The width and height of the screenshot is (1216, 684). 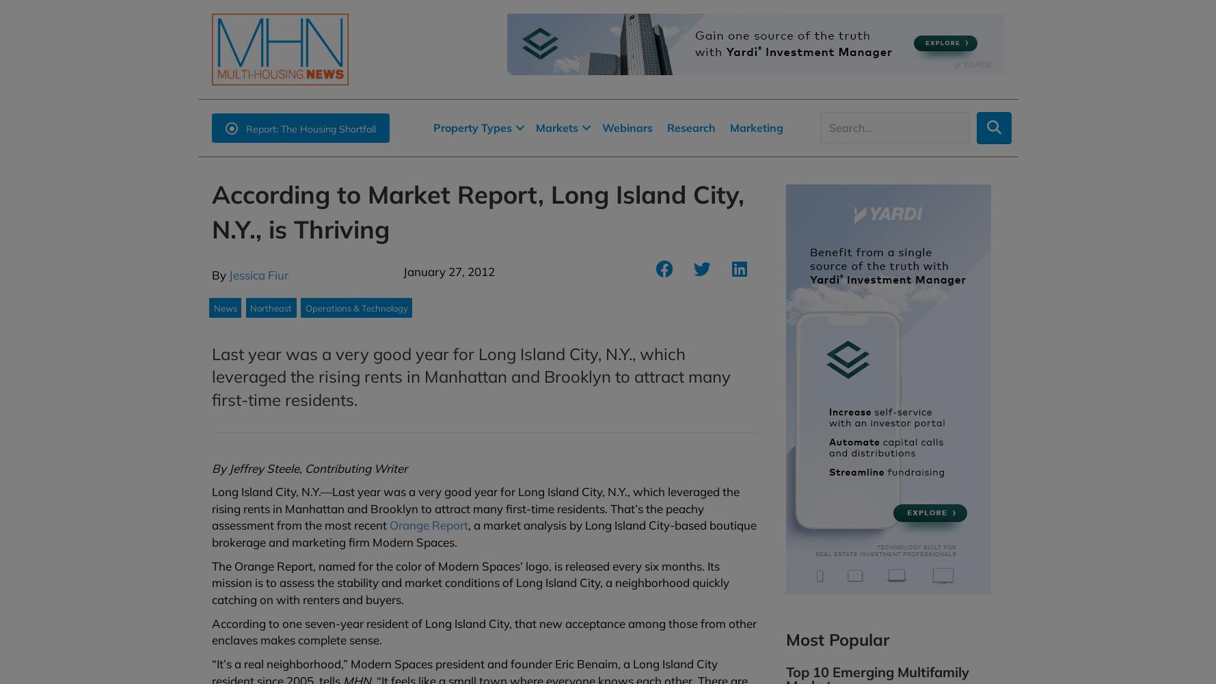 What do you see at coordinates (224, 307) in the screenshot?
I see `'News'` at bounding box center [224, 307].